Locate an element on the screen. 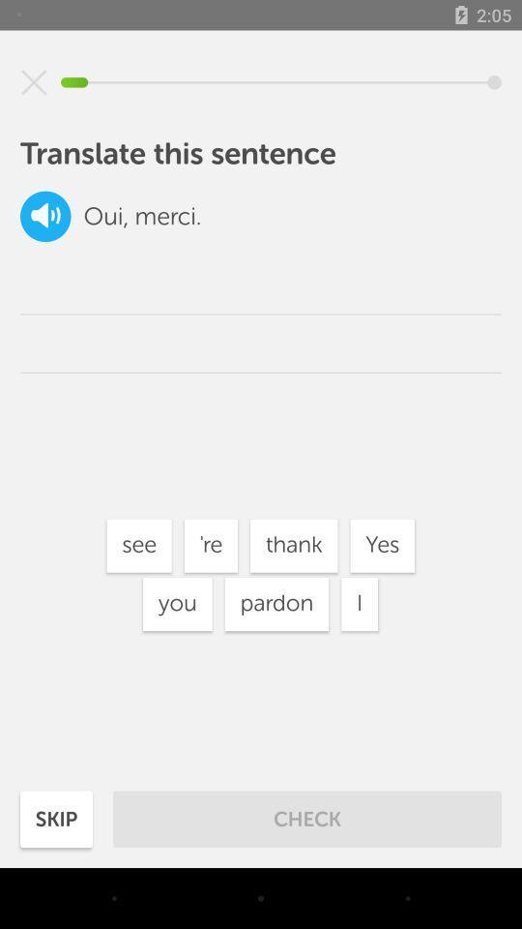 The width and height of the screenshot is (522, 929). item below the merci. item is located at coordinates (210, 546).